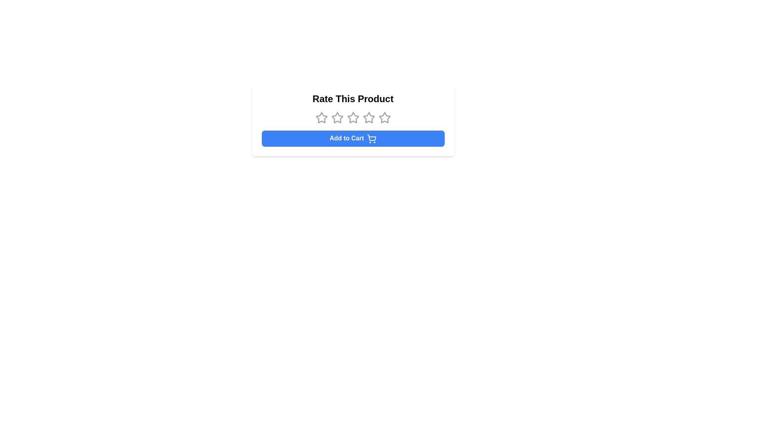 The height and width of the screenshot is (426, 757). Describe the element at coordinates (337, 118) in the screenshot. I see `the second star icon in the row of rating stars under 'Rate This Product'` at that location.